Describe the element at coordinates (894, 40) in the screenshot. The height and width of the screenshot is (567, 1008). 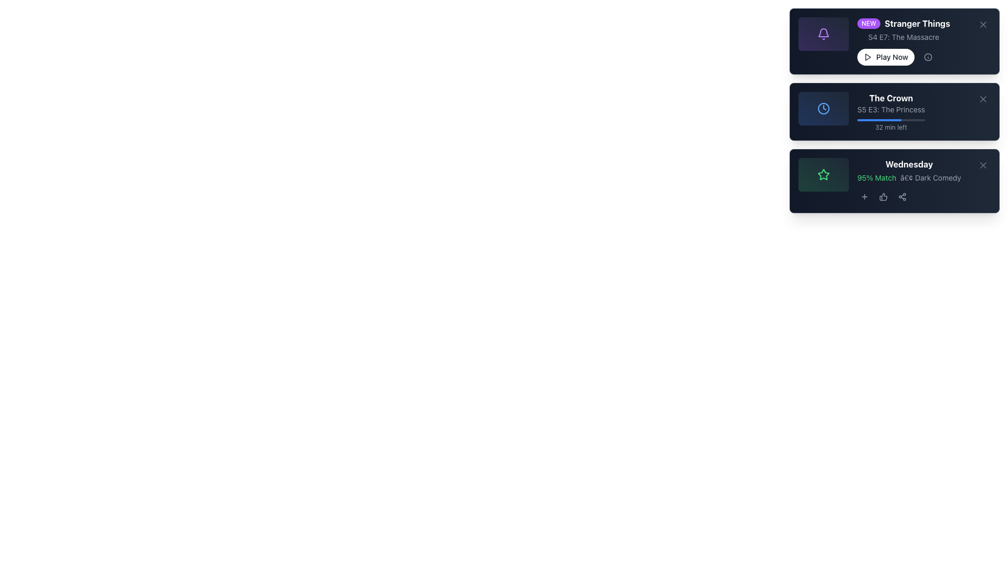
I see `the NEW badge on the Stranger Things card component, which is the first card in the list of media information` at that location.